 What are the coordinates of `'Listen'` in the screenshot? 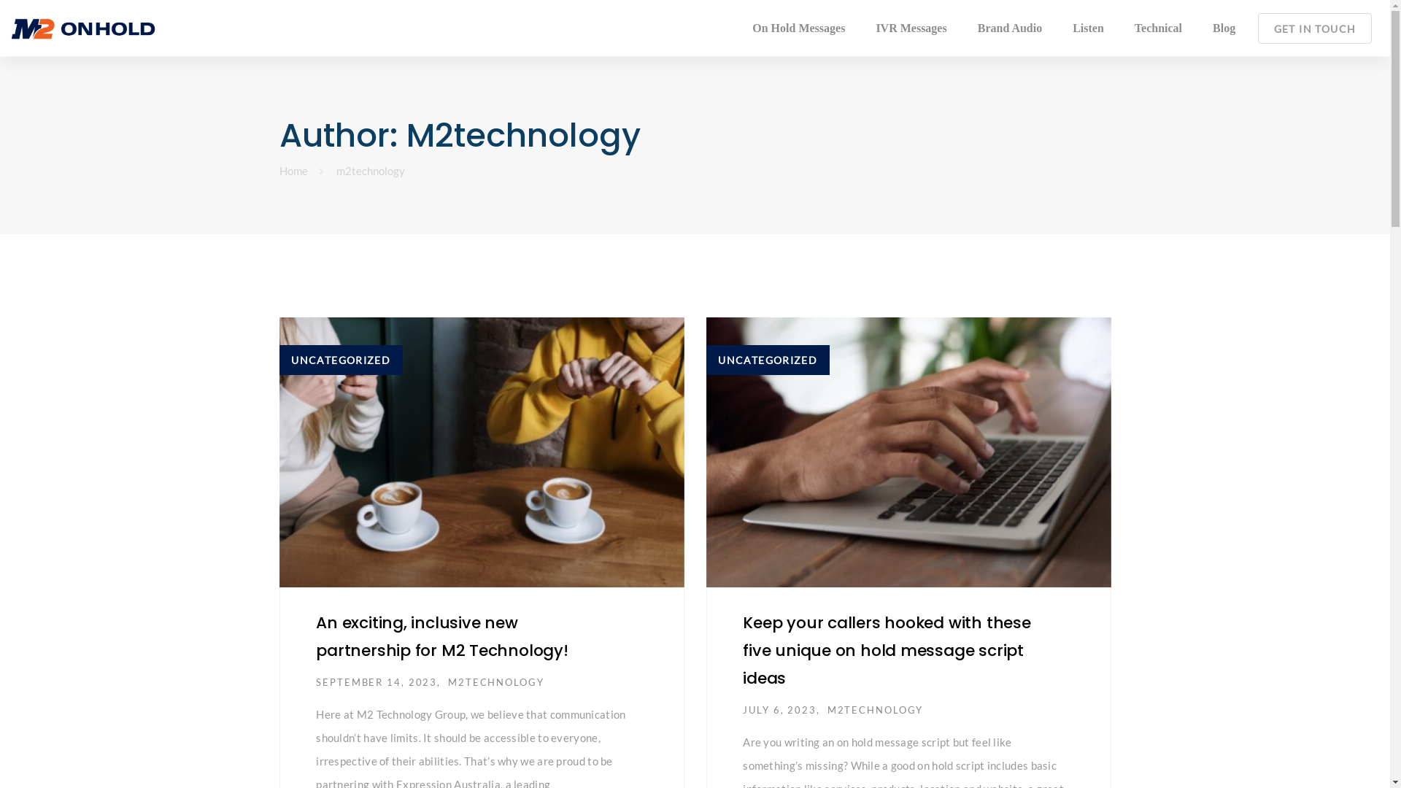 It's located at (1088, 28).